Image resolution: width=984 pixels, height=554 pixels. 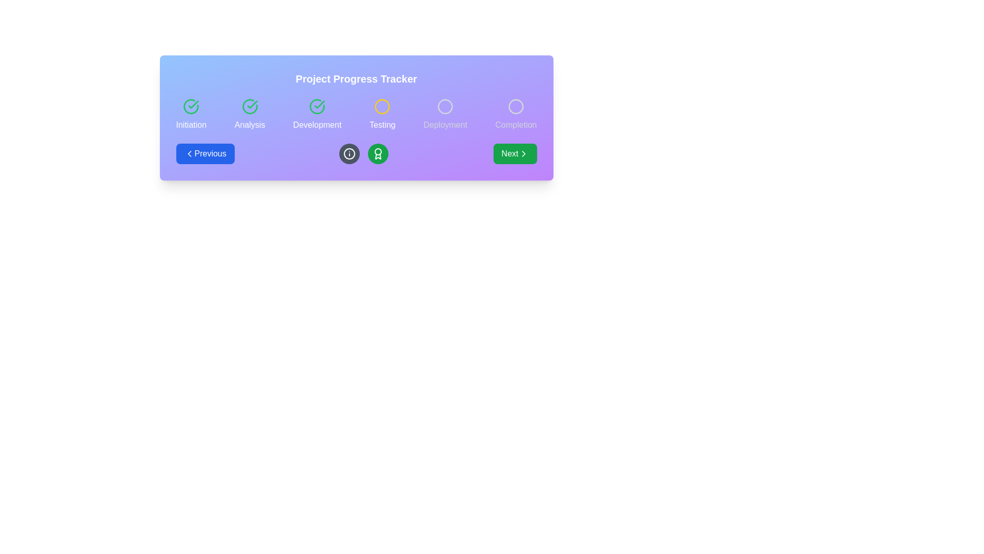 What do you see at coordinates (191, 107) in the screenshot?
I see `the circular icon with a green outline and a checkmark inside, located above the text 'Initiation'` at bounding box center [191, 107].